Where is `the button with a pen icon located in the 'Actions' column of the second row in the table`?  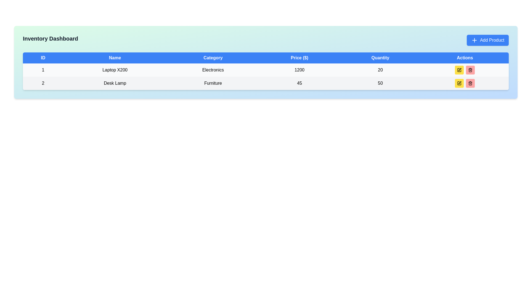
the button with a pen icon located in the 'Actions' column of the second row in the table is located at coordinates (460, 69).